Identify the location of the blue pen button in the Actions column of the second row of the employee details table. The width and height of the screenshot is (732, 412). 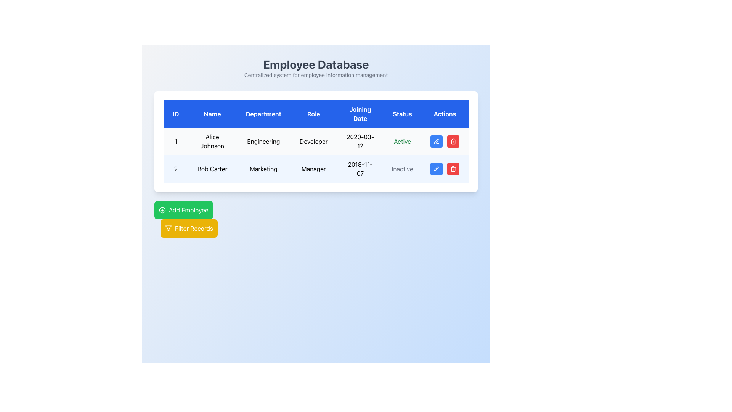
(445, 169).